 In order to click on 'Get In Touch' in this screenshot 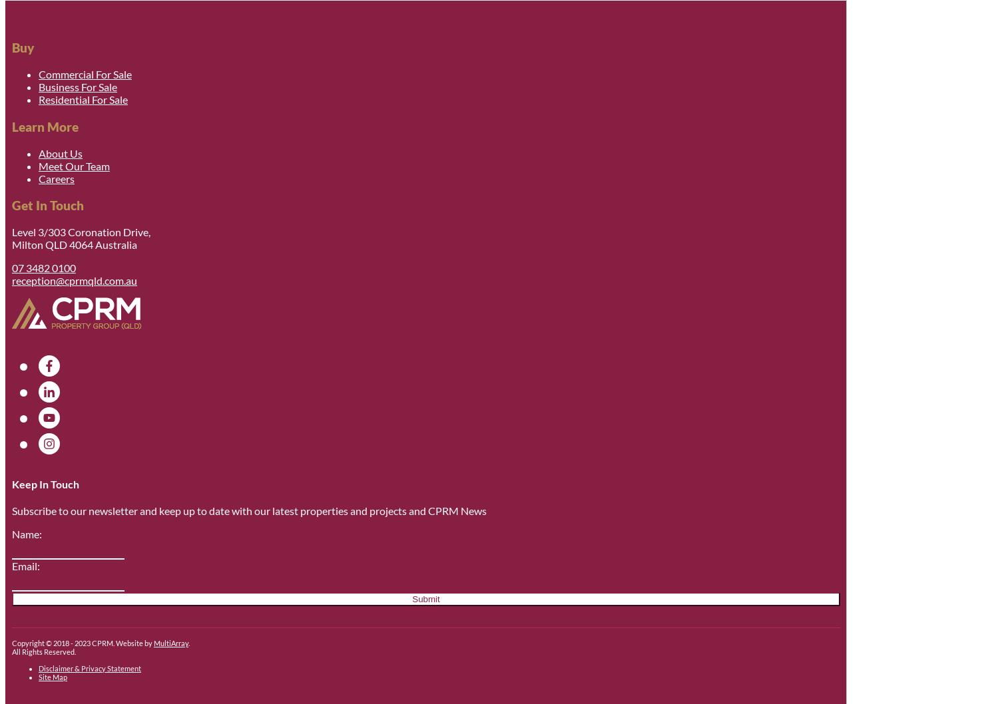, I will do `click(47, 204)`.